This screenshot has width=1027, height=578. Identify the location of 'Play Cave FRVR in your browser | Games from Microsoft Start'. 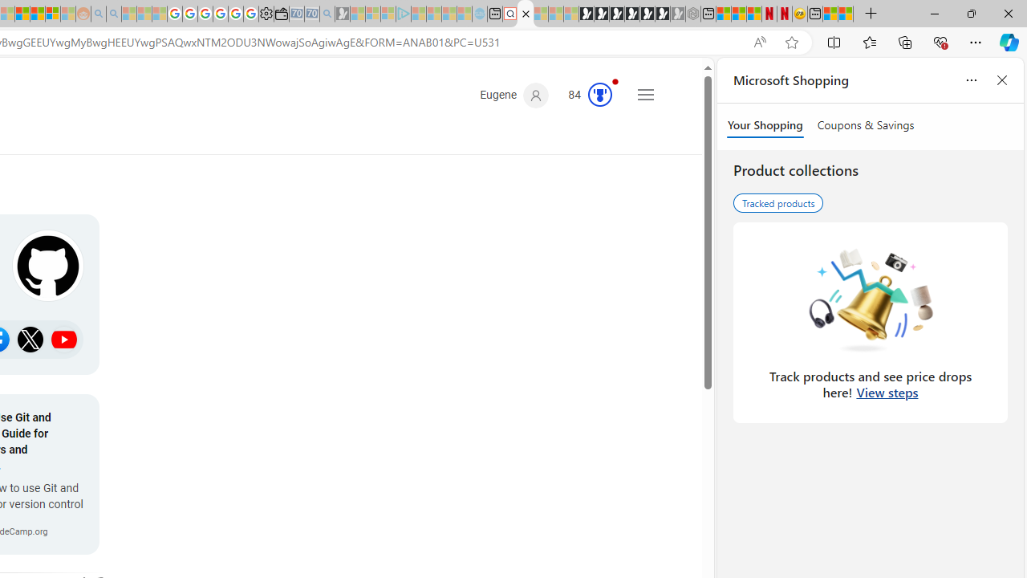
(616, 14).